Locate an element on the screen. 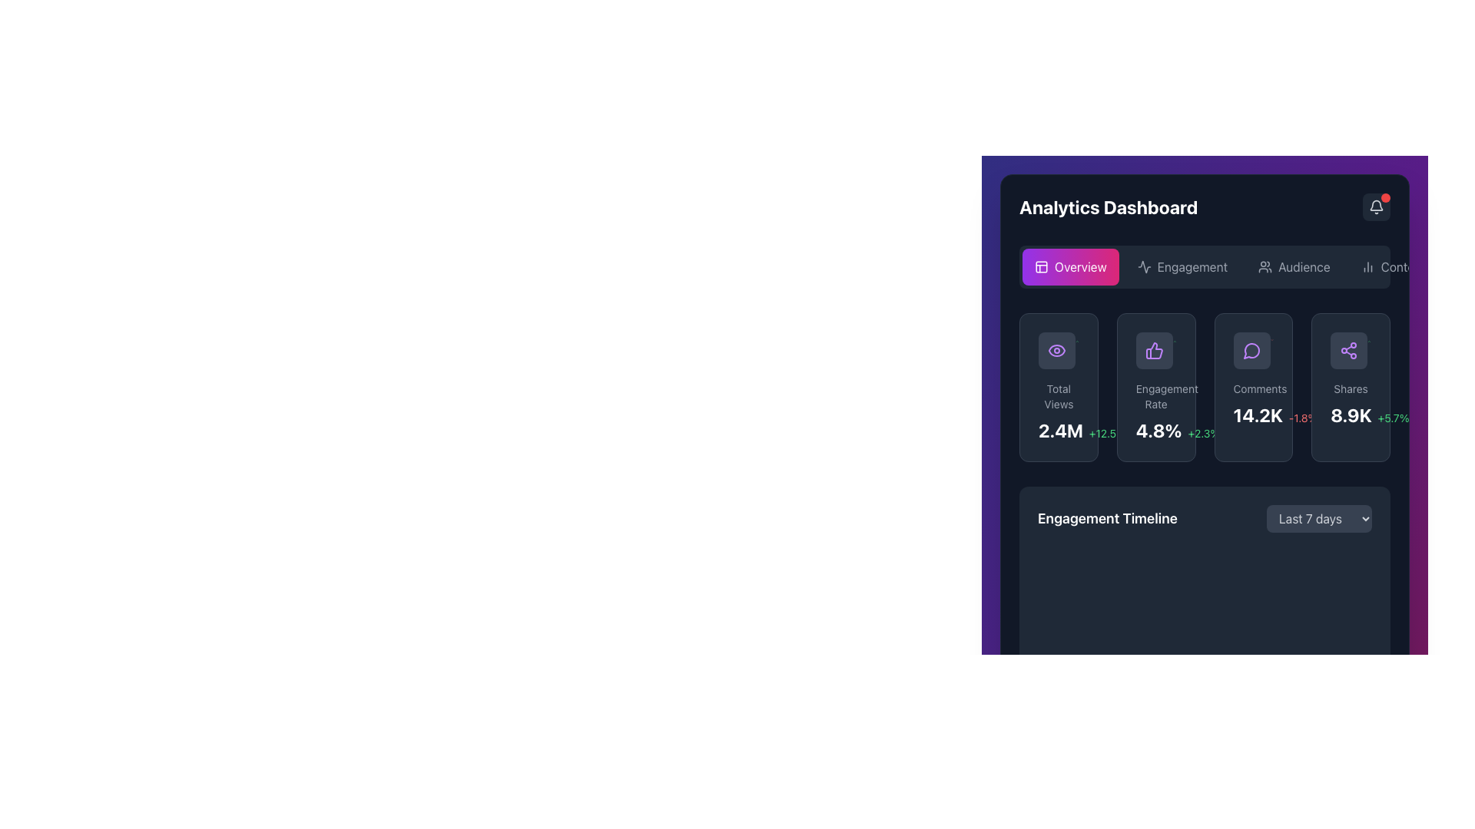 This screenshot has height=829, width=1475. the 'Engagement' navigation tab is located at coordinates (1204, 266).